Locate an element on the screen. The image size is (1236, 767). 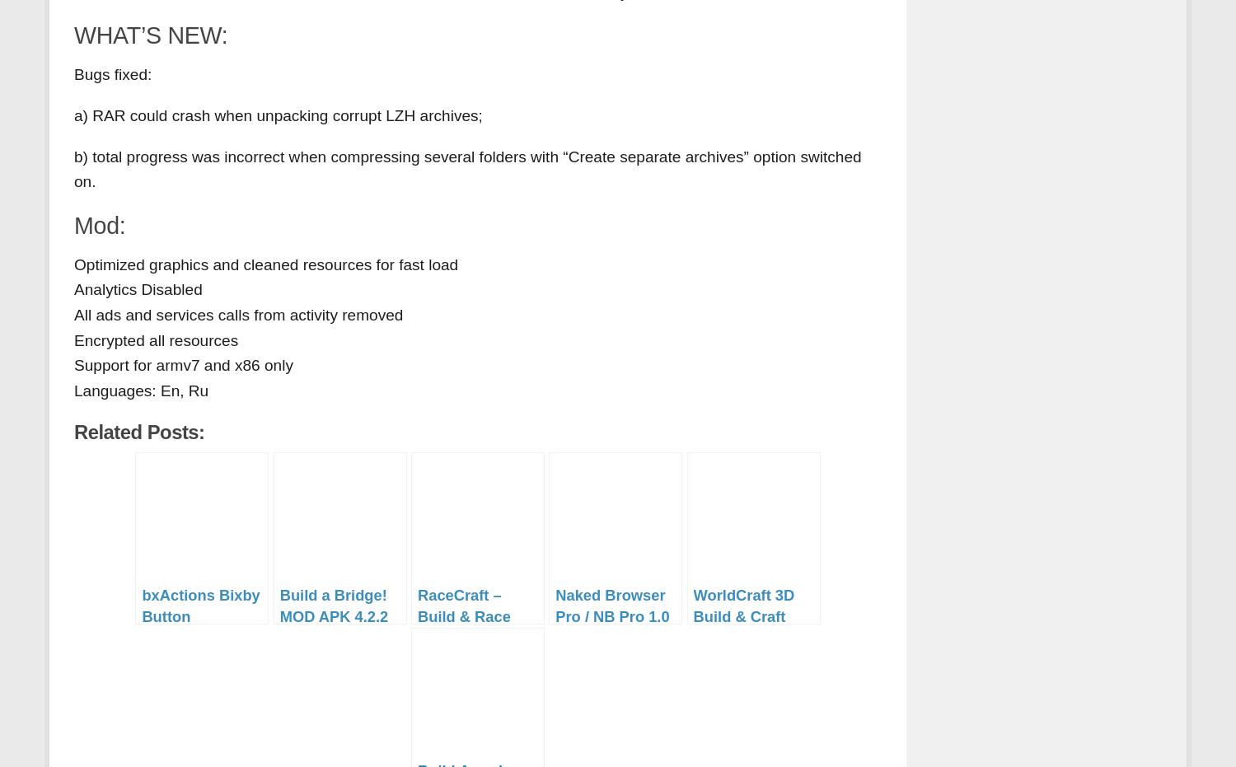
'Naked Browser Pro / NB Pro 1.0 build 70 Apk for Android' is located at coordinates (611, 626).